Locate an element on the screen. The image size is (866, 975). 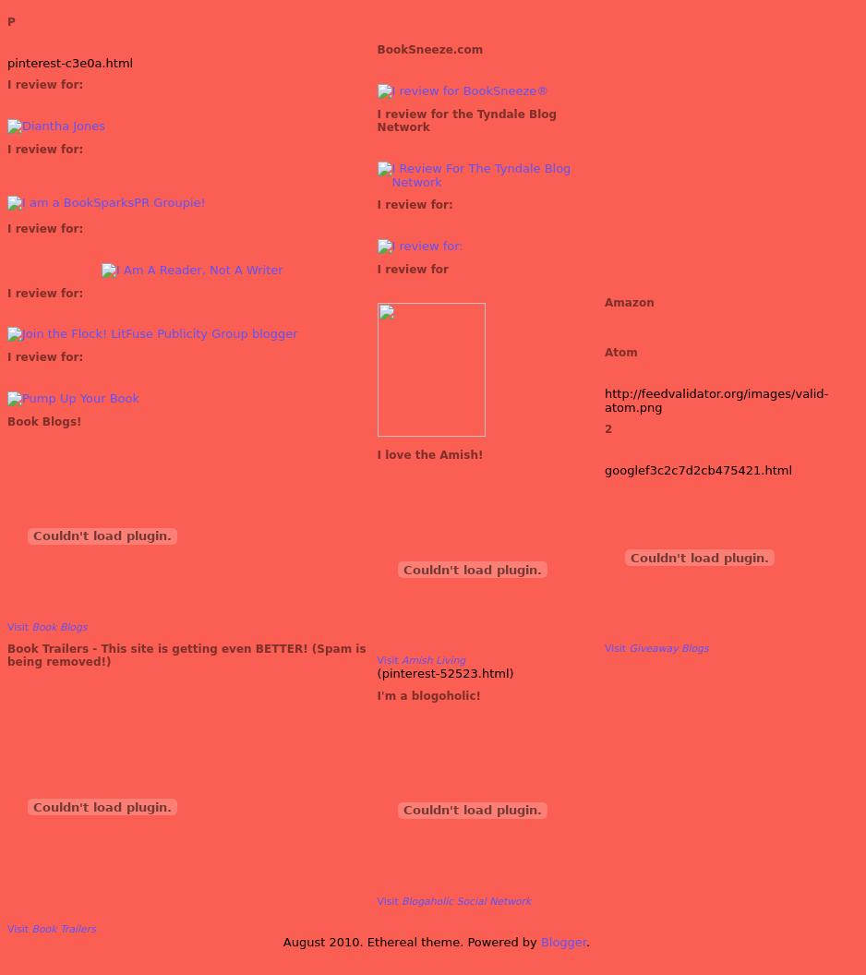
'Blogaholic Social Network' is located at coordinates (465, 900).